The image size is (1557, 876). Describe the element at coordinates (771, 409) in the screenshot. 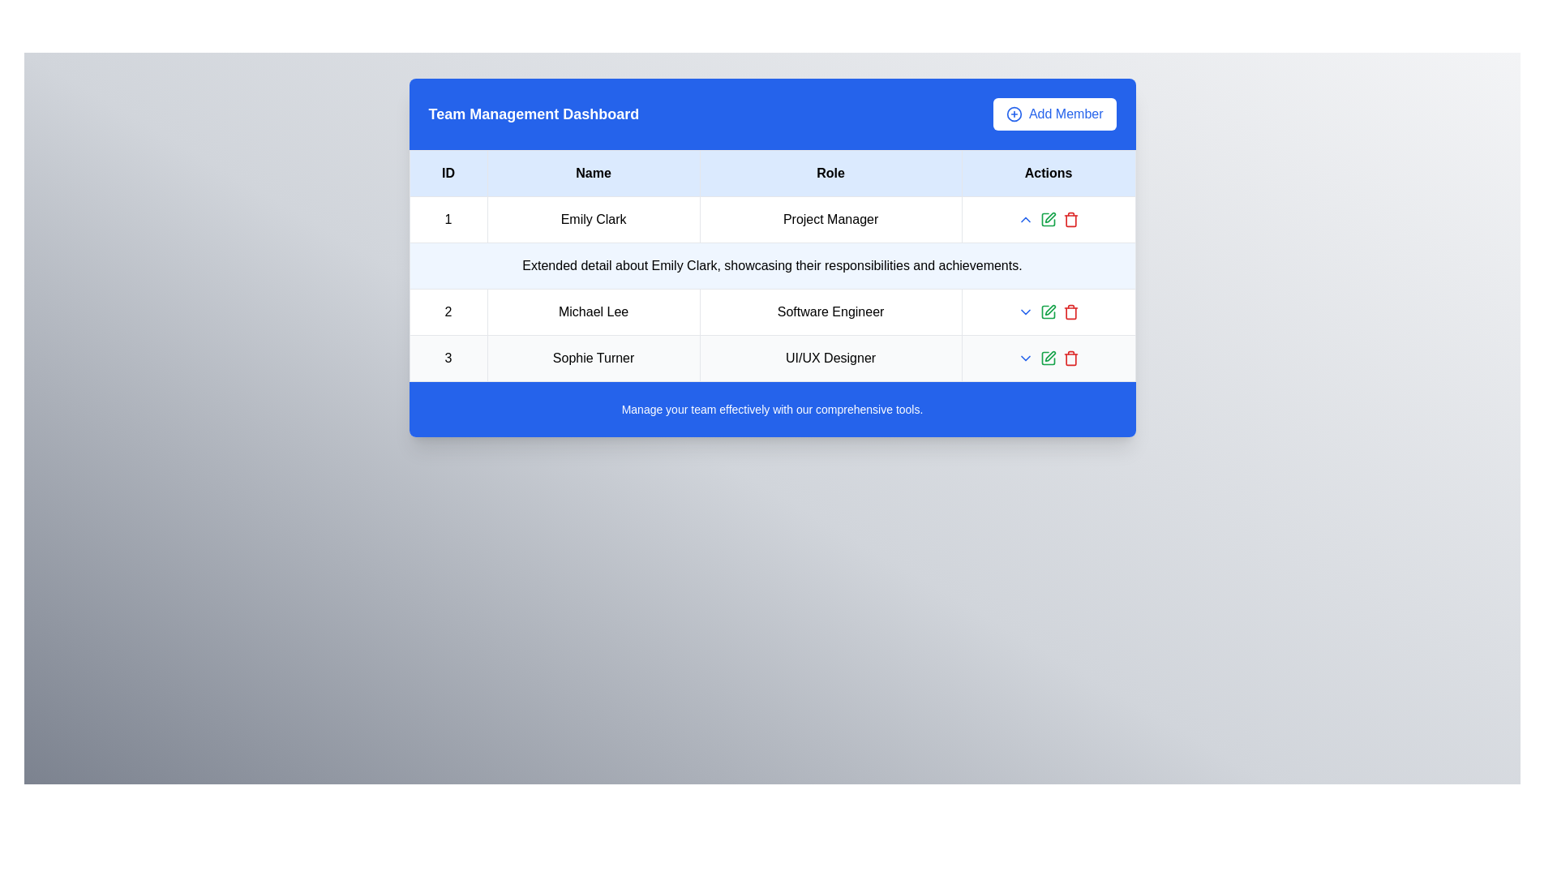

I see `the informative textual area that has a blue background and white text, containing the message 'Manage your team effectively with our comprehensive tools.'` at that location.